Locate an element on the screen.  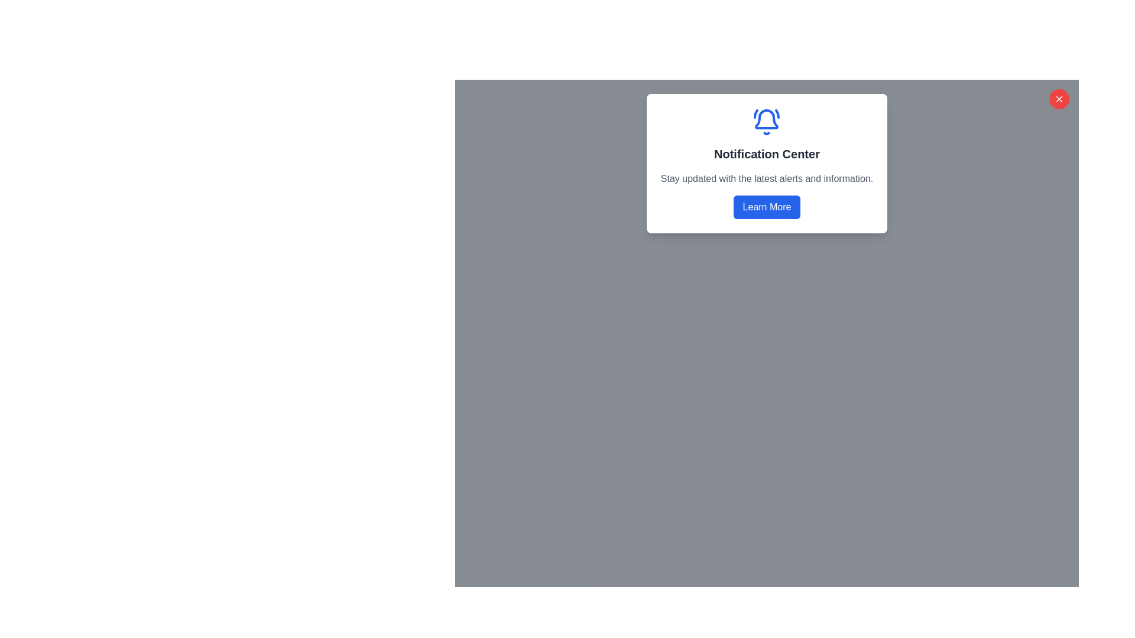
the close (x) button represented by a thin, sharp cross icon within a circular red button located at the top-right corner of the modal interface is located at coordinates (1059, 99).